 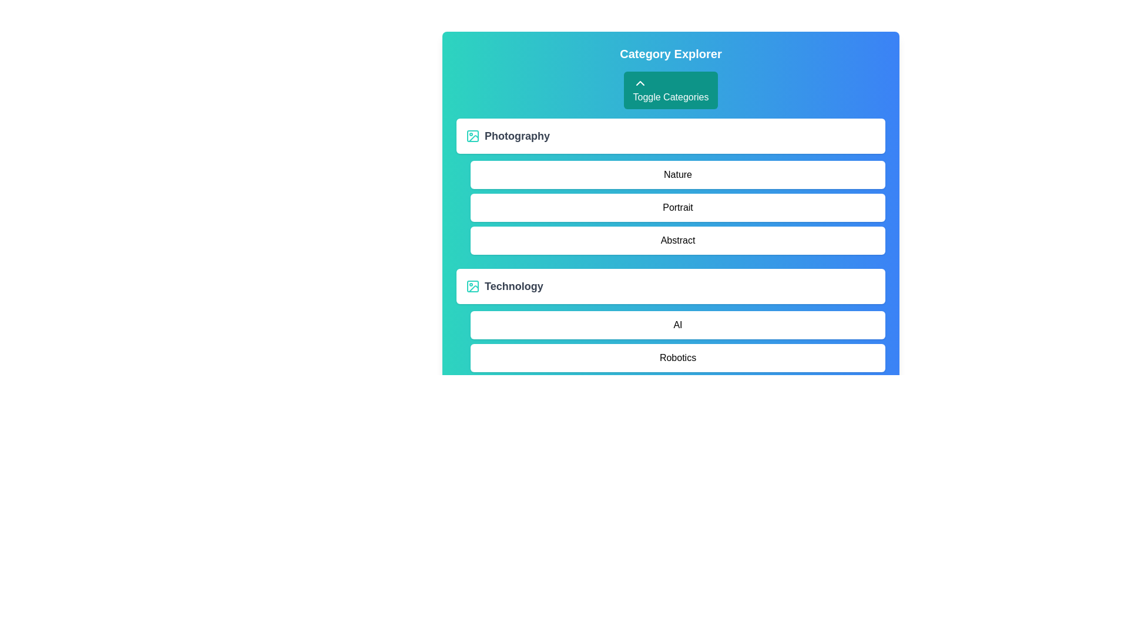 What do you see at coordinates (677, 240) in the screenshot?
I see `the item Abstract from the category Photography` at bounding box center [677, 240].